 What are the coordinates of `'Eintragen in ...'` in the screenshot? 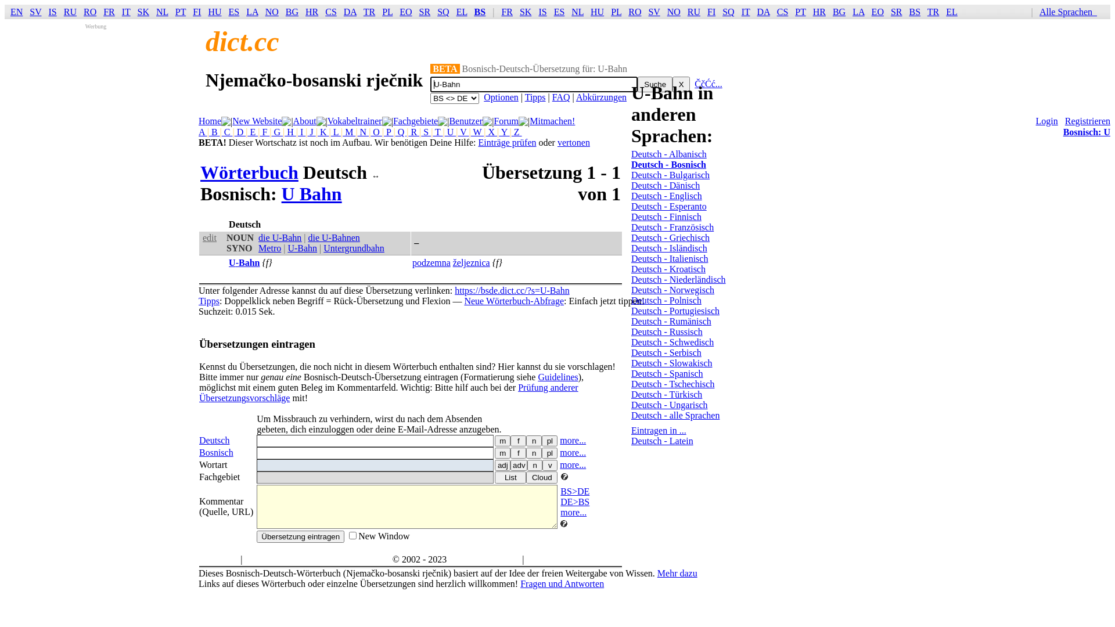 It's located at (630, 430).